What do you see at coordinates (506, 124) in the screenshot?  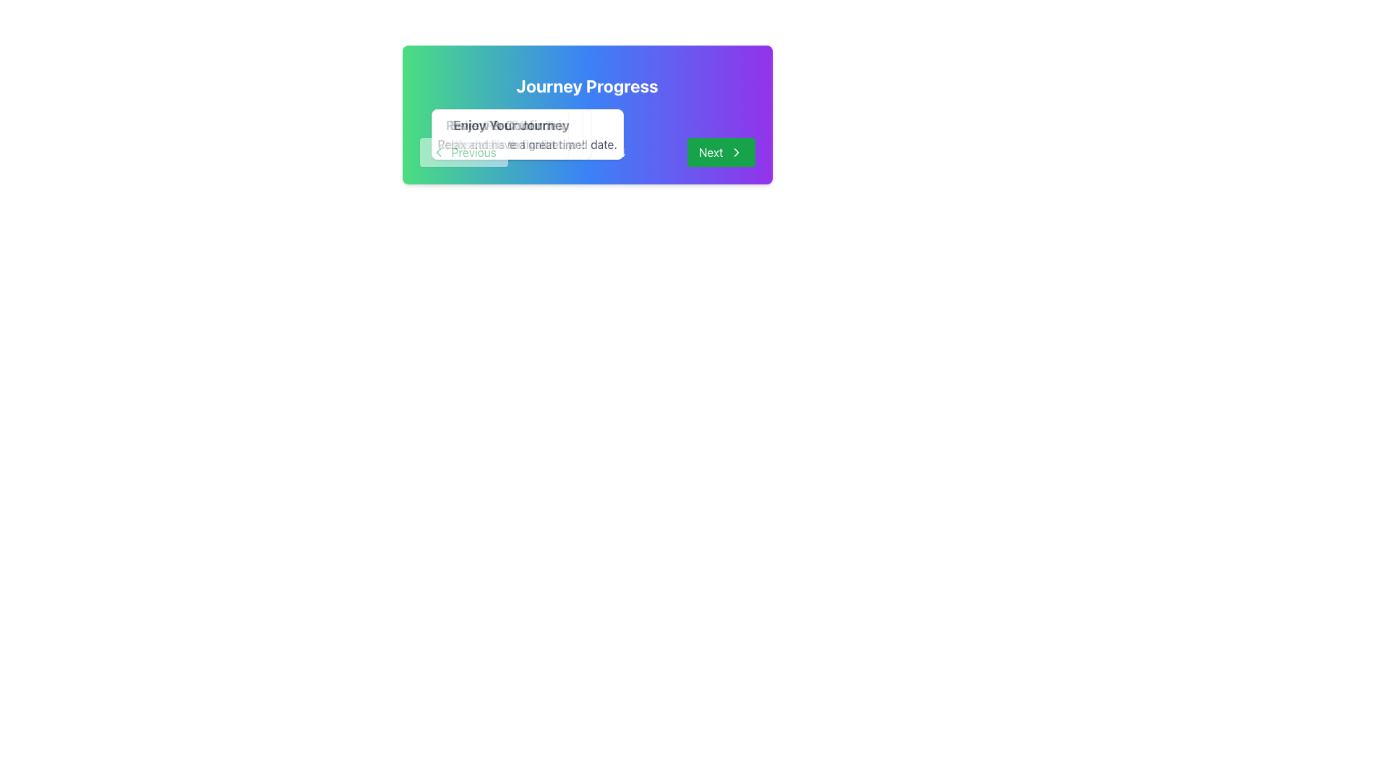 I see `the Text Label that serves as a title or heading for the section above 'Opt for transport and stay.'` at bounding box center [506, 124].